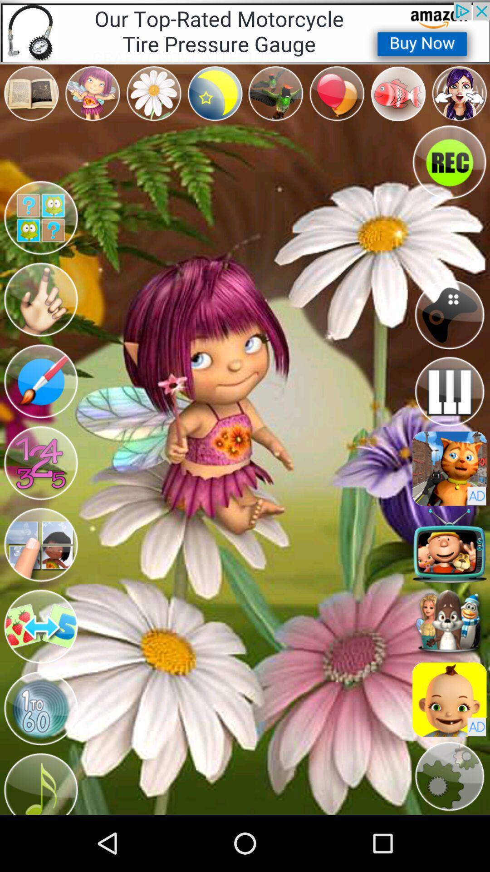 The height and width of the screenshot is (872, 490). Describe the element at coordinates (449, 622) in the screenshot. I see `characters` at that location.